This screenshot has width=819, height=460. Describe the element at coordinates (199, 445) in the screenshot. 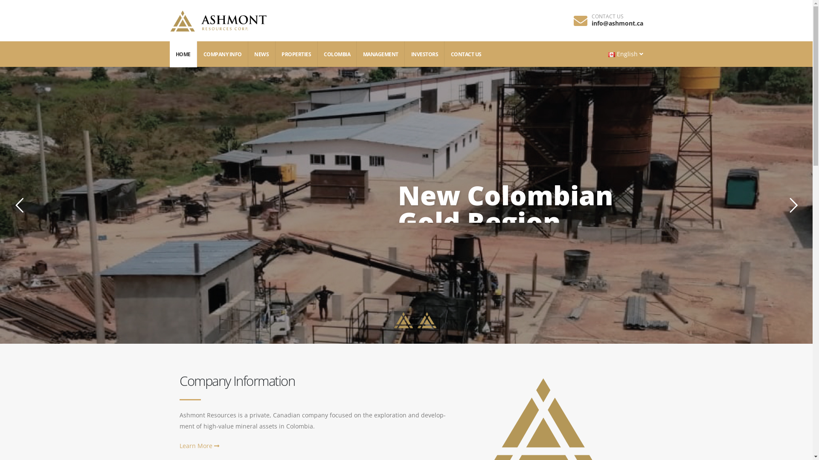

I see `'Learn More'` at that location.